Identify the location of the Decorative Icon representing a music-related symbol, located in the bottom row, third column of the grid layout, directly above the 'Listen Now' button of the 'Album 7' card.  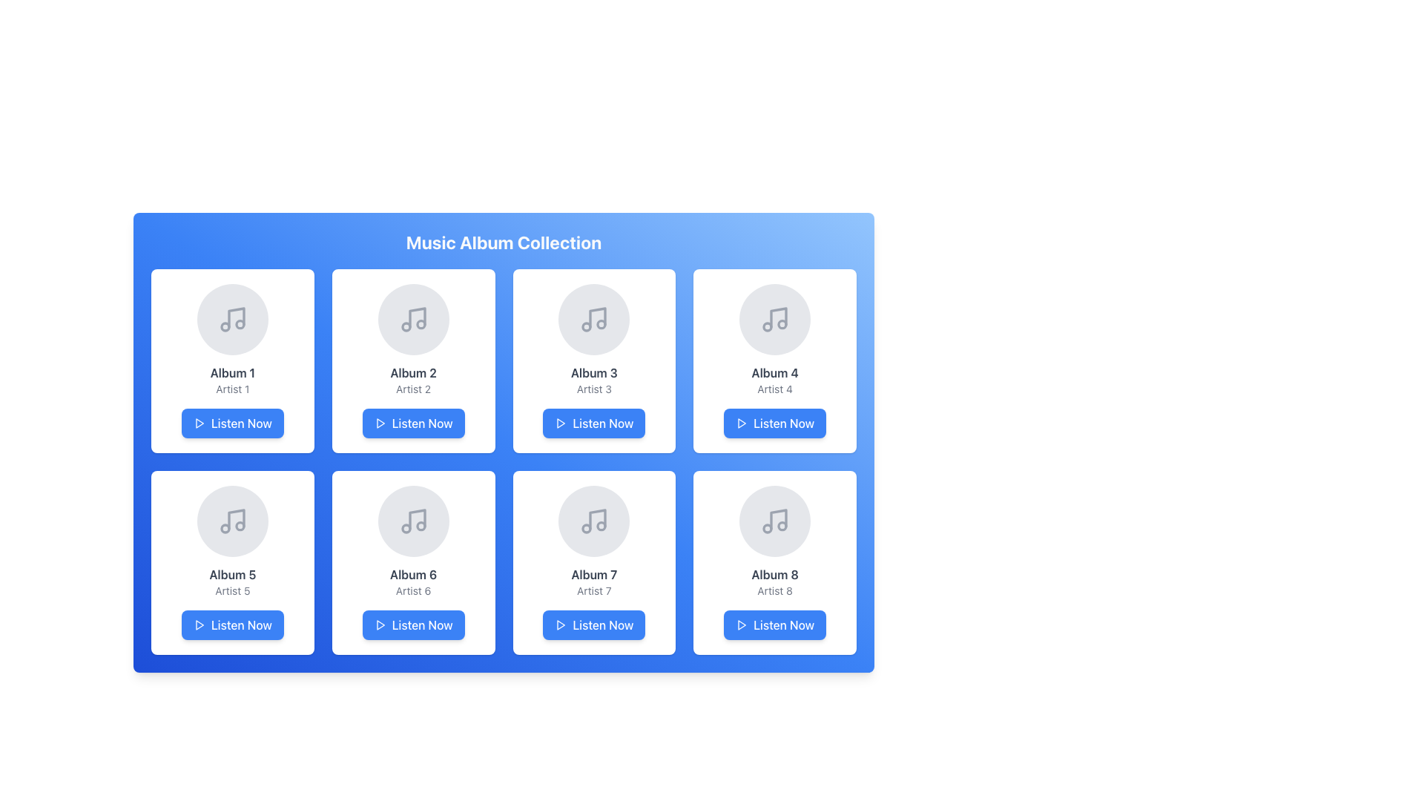
(598, 518).